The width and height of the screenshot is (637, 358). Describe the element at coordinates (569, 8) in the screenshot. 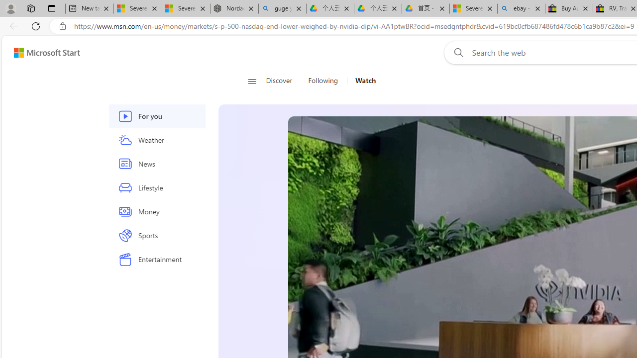

I see `'Buy Auto Parts & Accessories | eBay'` at that location.